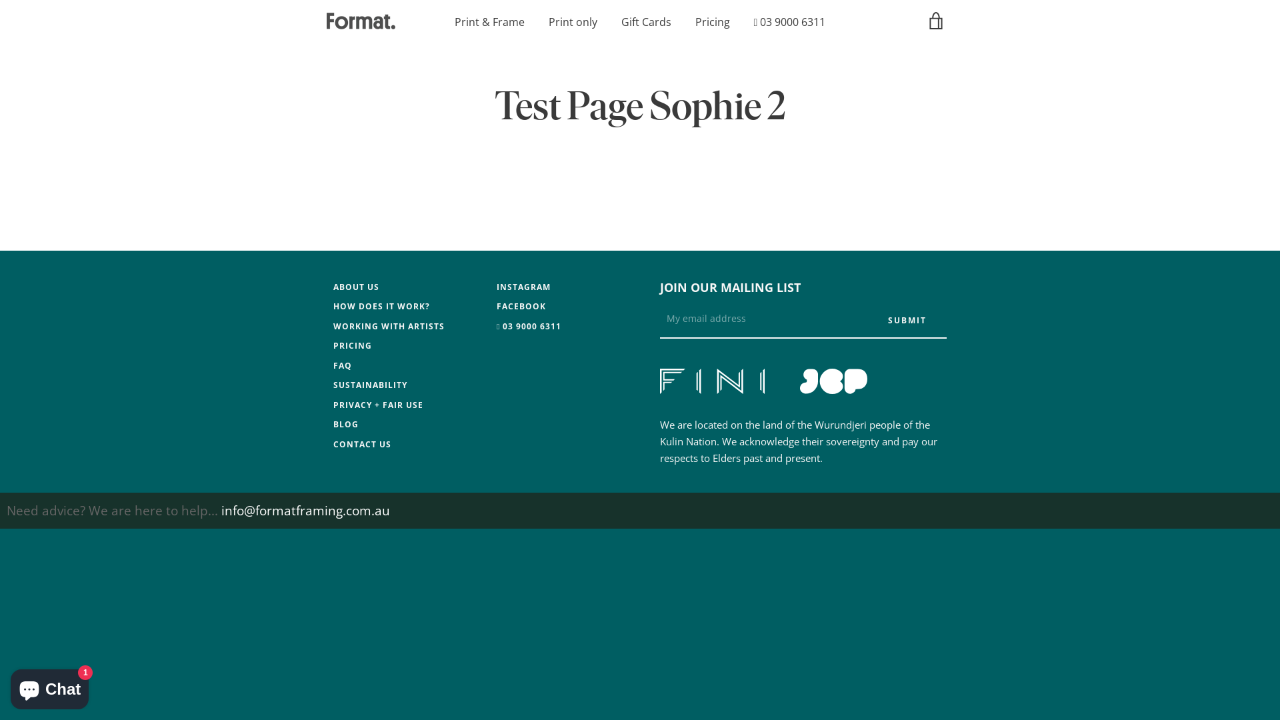  Describe the element at coordinates (388, 325) in the screenshot. I see `'WORKING WITH ARTISTS'` at that location.